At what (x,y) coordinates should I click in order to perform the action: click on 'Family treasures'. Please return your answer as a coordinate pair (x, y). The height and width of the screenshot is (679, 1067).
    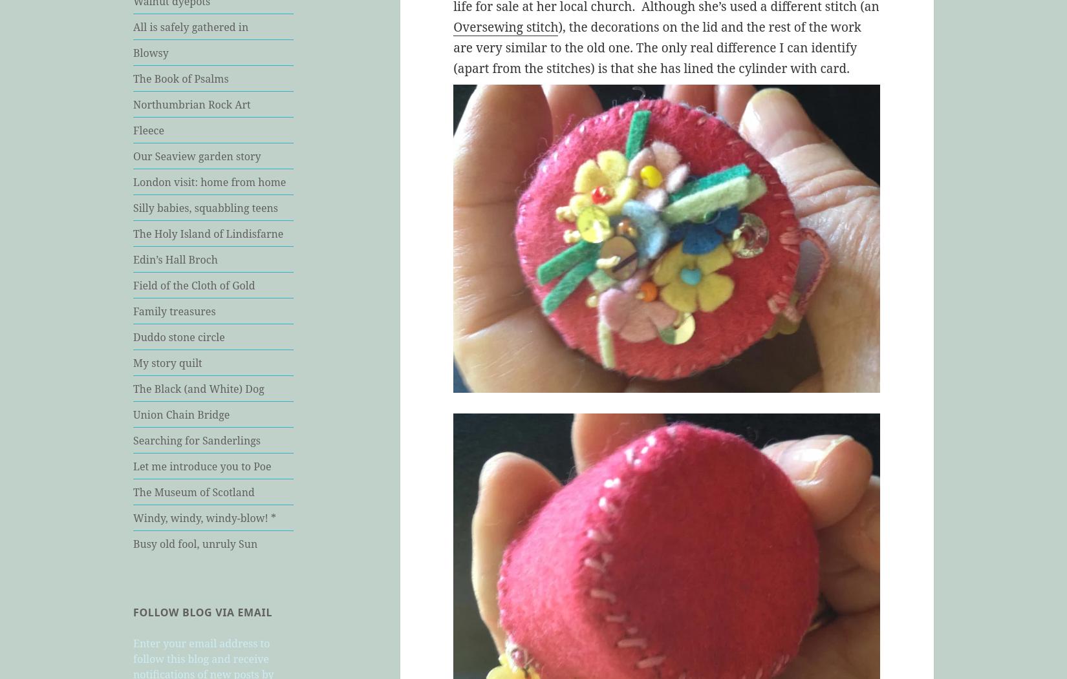
    Looking at the image, I should click on (174, 310).